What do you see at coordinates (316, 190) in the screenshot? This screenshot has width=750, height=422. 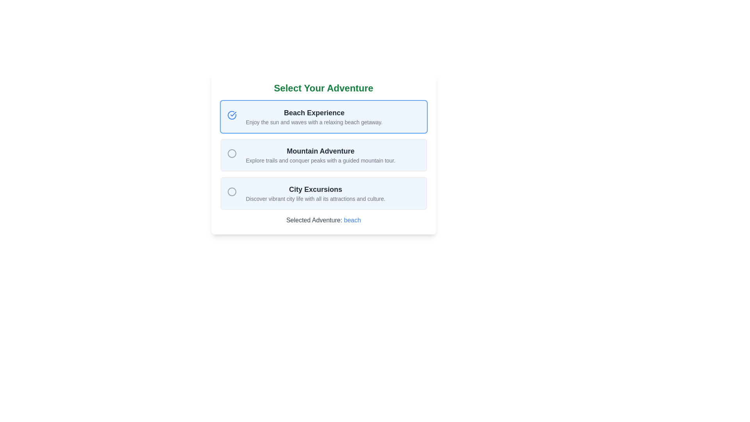 I see `the 'City Excursions' label, which is a bold, dark gray text component styled with a larger font size, located above the descriptive text in the bottommost selection option of the list` at bounding box center [316, 190].